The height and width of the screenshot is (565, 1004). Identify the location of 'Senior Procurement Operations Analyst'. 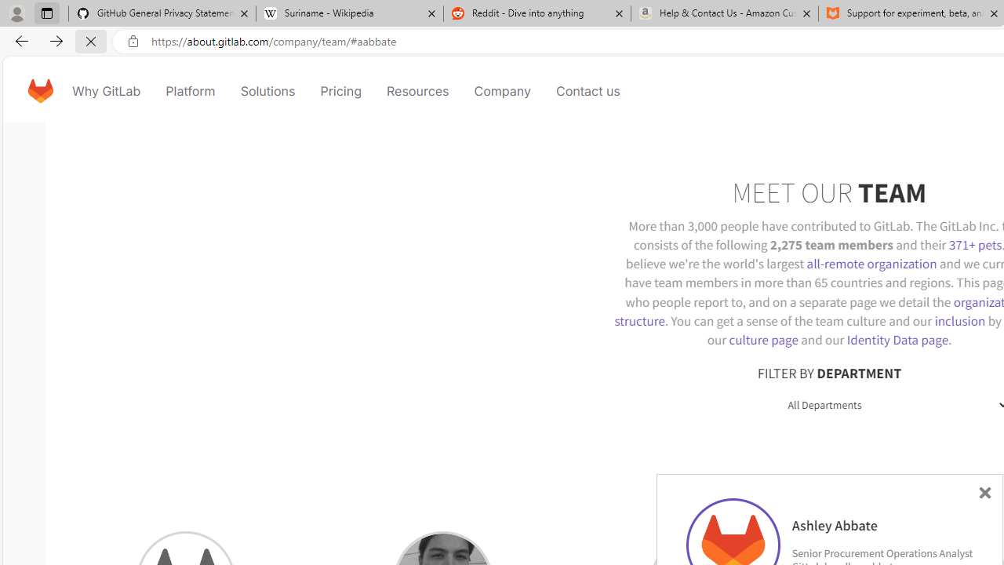
(882, 552).